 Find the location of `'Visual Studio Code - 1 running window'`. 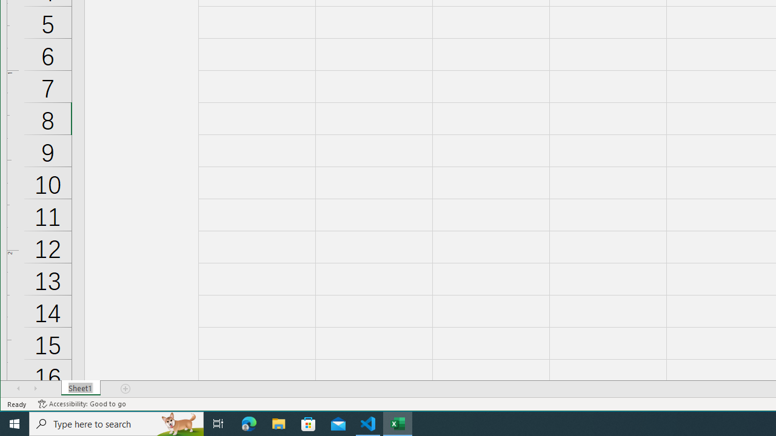

'Visual Studio Code - 1 running window' is located at coordinates (367, 423).